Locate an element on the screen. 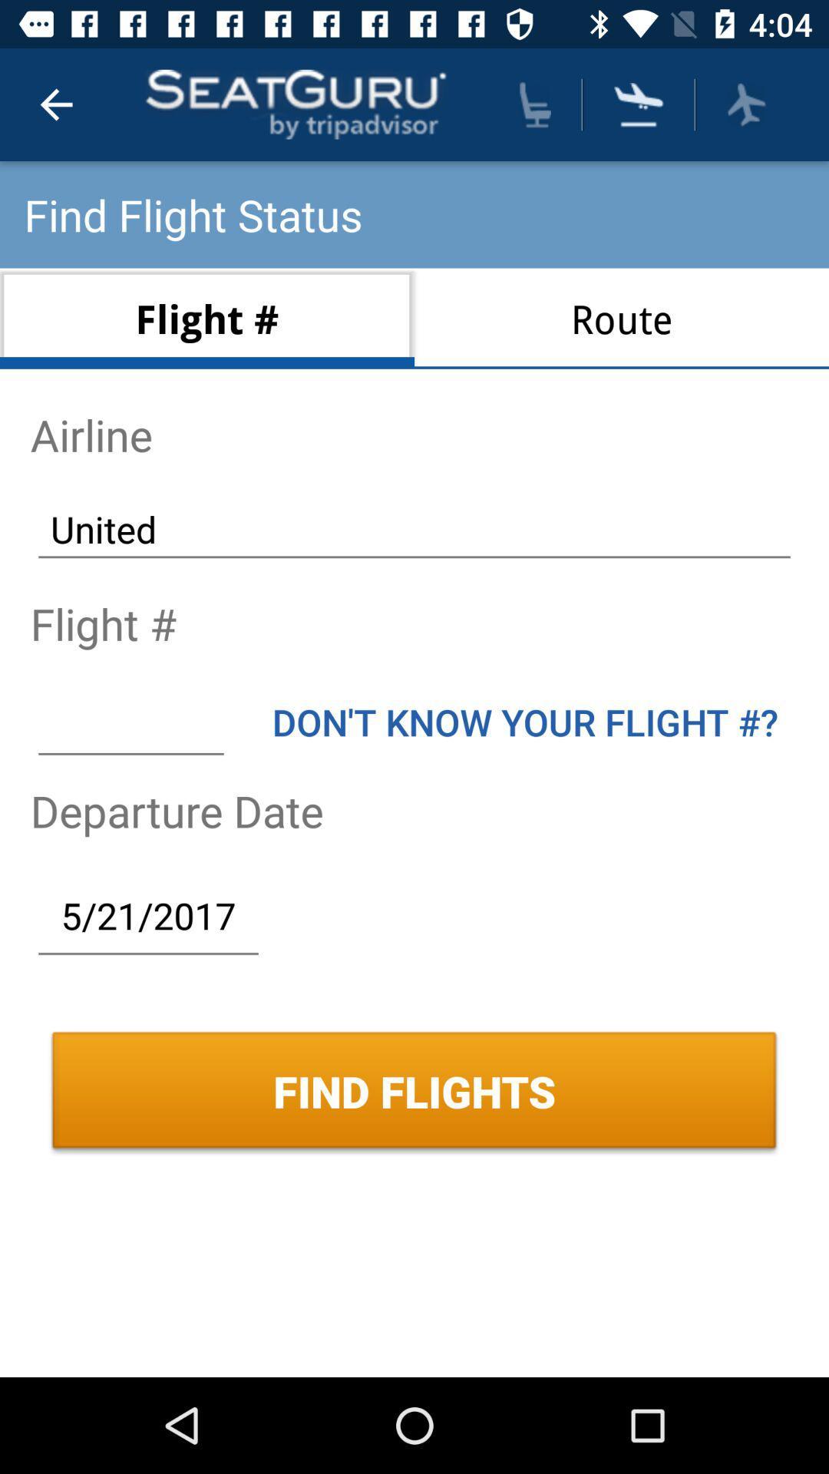 The width and height of the screenshot is (829, 1474). put the flight number is located at coordinates (130, 721).